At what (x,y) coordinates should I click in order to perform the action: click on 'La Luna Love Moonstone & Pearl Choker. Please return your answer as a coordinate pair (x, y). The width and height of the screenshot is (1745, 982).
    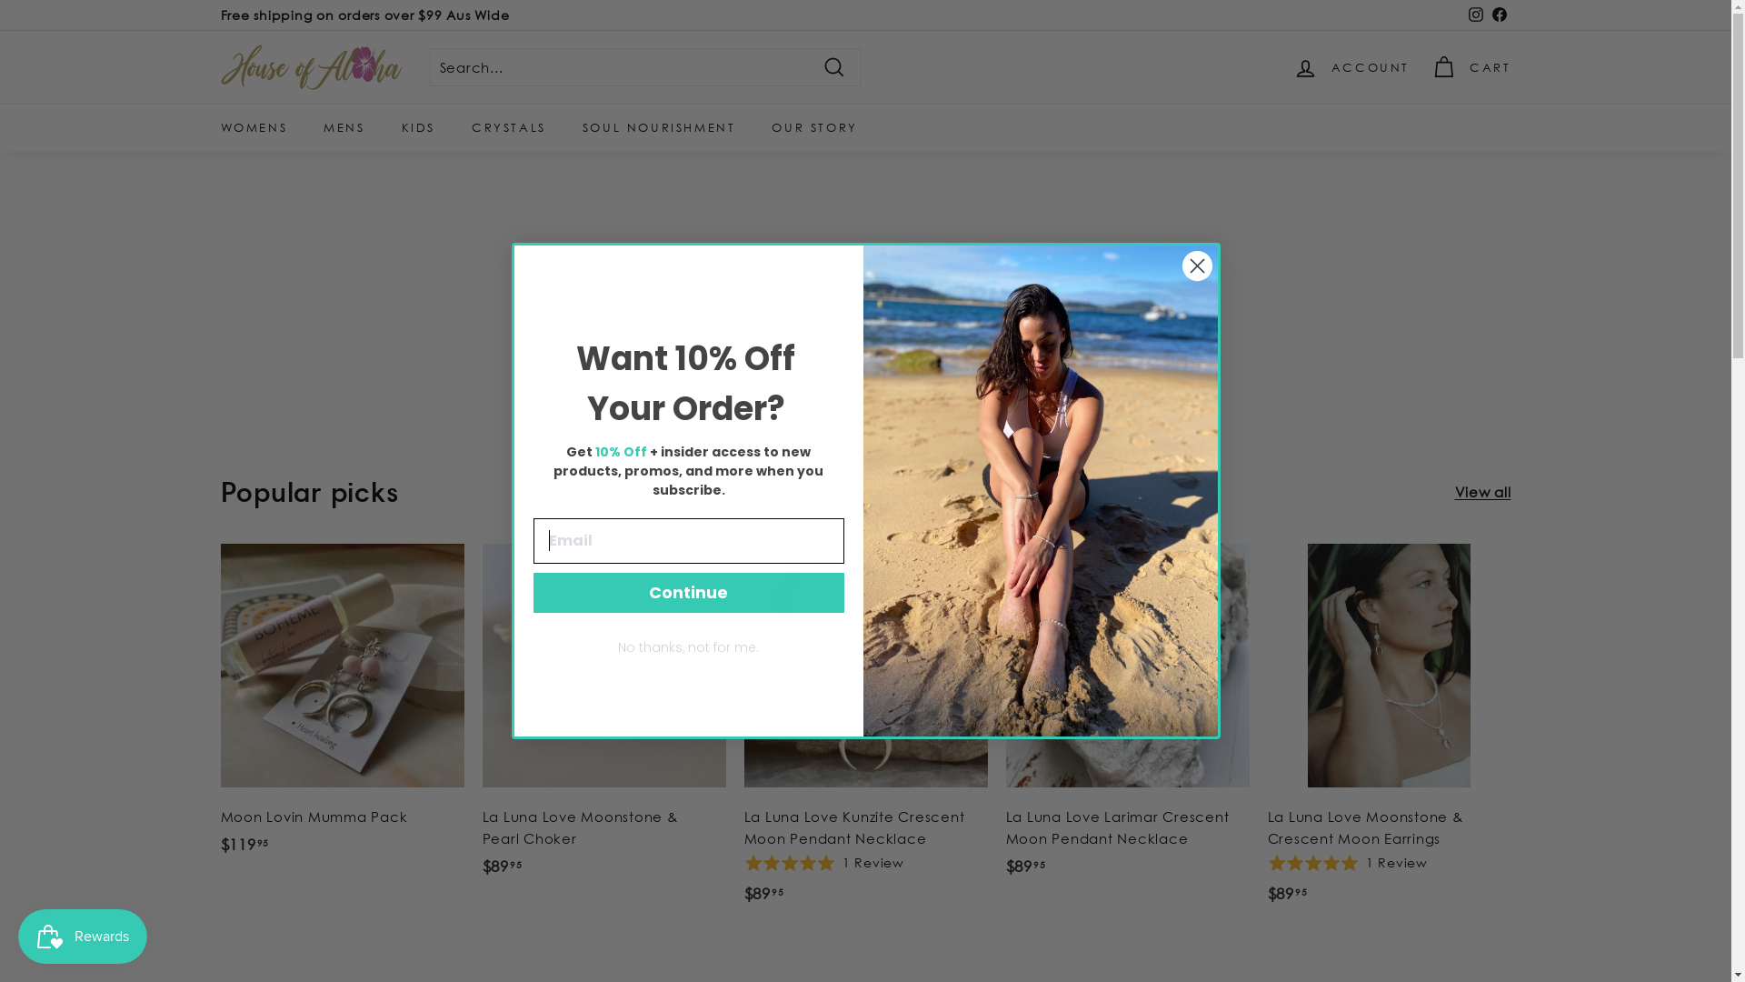
    Looking at the image, I should click on (603, 718).